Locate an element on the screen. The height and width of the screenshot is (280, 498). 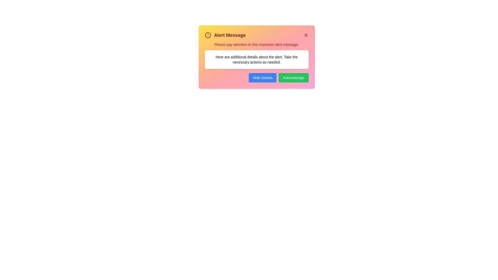
the 'Acknowledge' button to confirm the alert is located at coordinates (293, 78).